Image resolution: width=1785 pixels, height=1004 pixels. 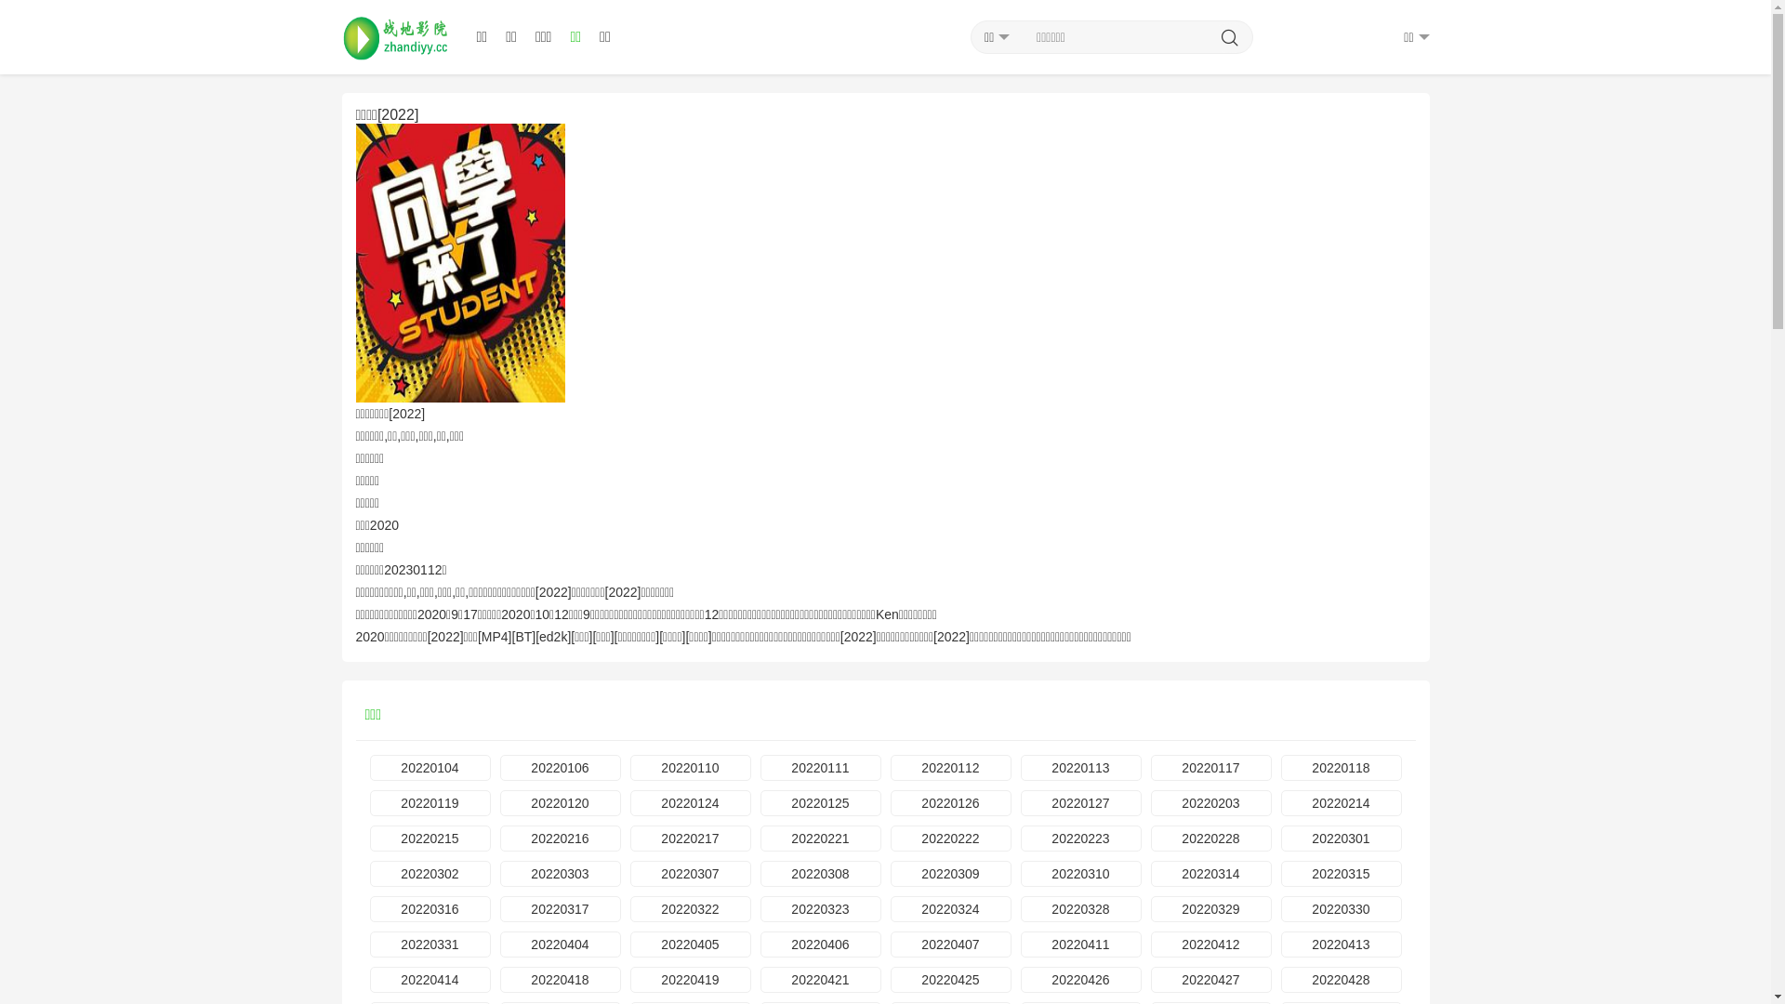 What do you see at coordinates (1080, 874) in the screenshot?
I see `'20220310'` at bounding box center [1080, 874].